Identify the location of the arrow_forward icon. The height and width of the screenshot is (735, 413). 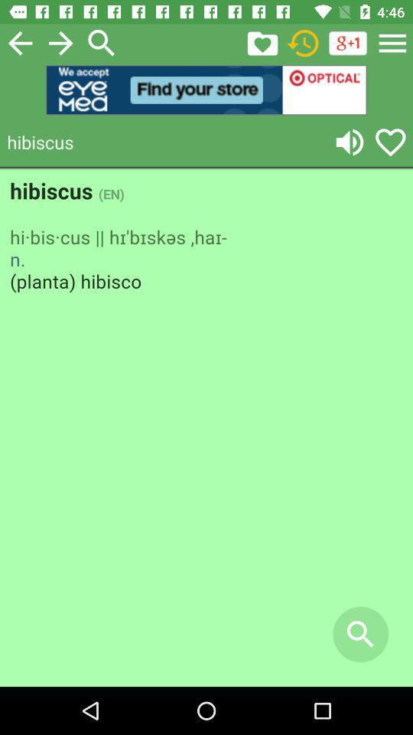
(60, 42).